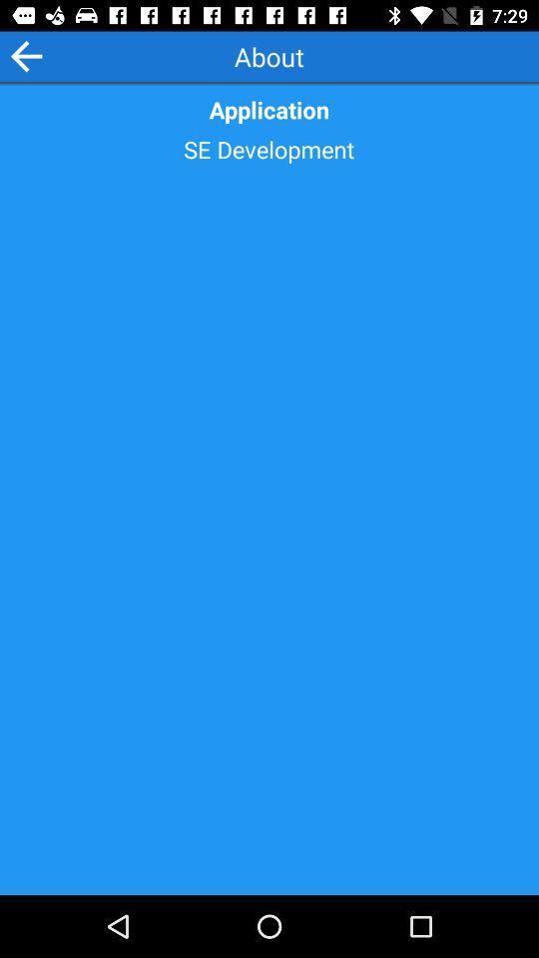 This screenshot has width=539, height=958. I want to click on go back, so click(25, 55).